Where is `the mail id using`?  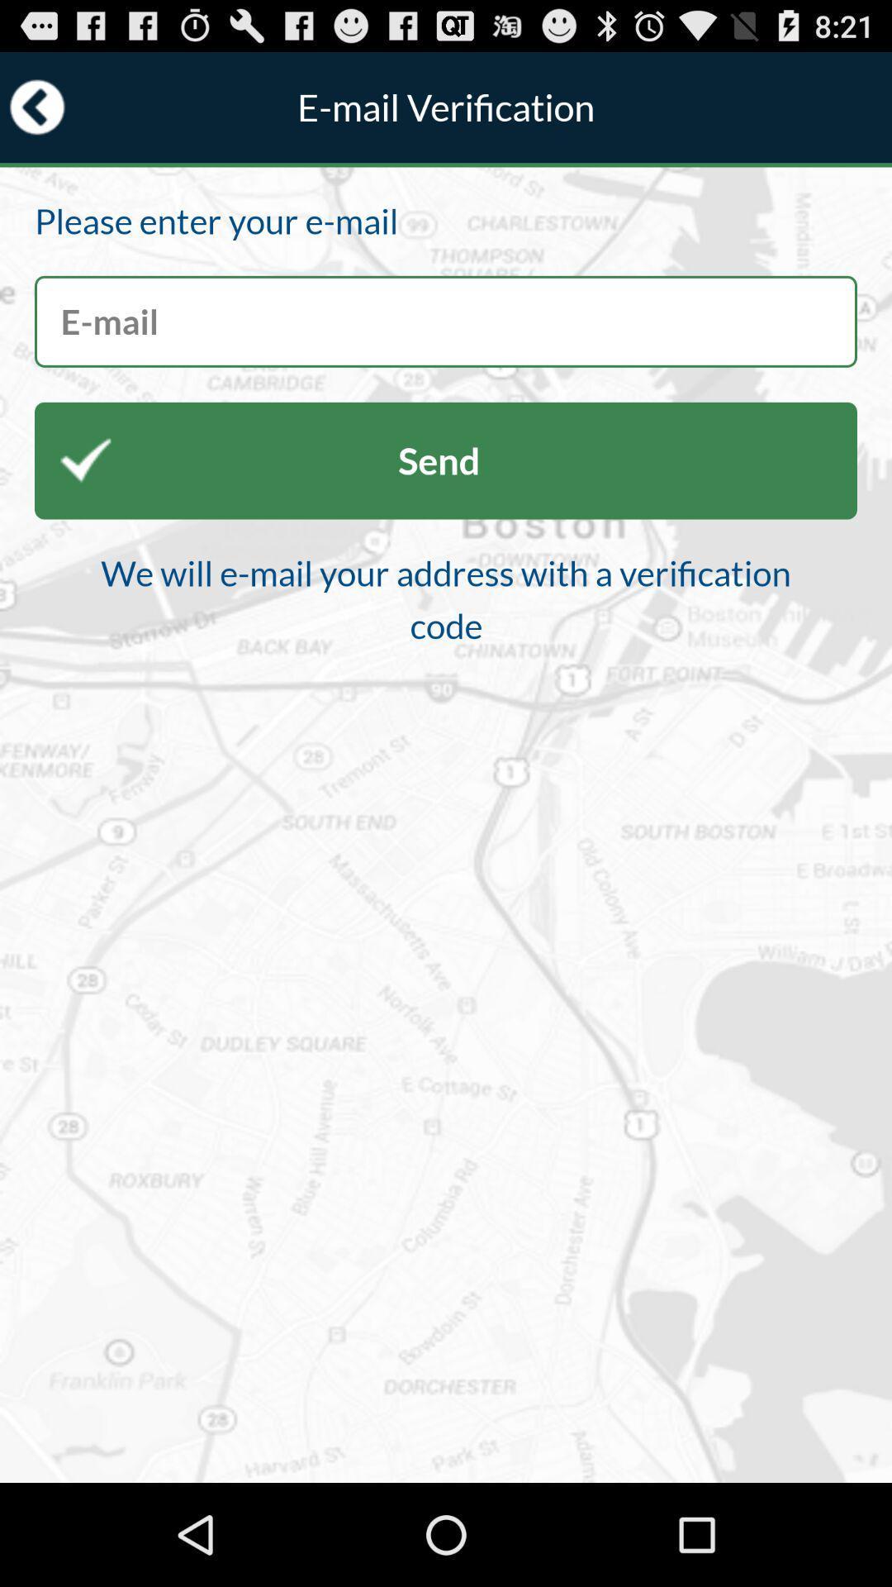 the mail id using is located at coordinates (446, 322).